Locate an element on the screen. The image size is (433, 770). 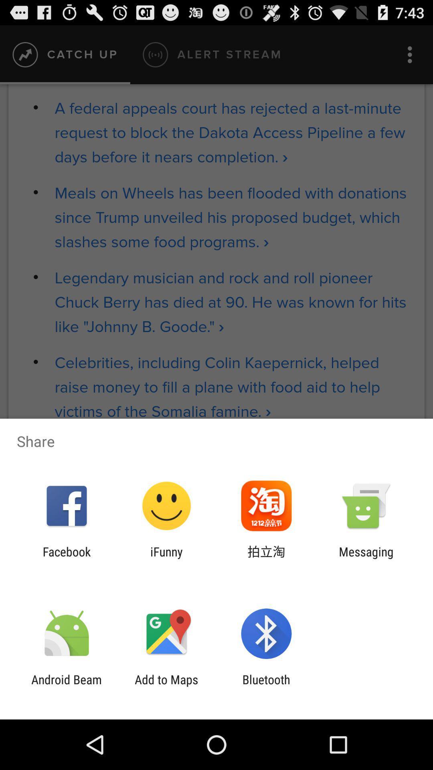
app to the right of add to maps is located at coordinates (266, 686).